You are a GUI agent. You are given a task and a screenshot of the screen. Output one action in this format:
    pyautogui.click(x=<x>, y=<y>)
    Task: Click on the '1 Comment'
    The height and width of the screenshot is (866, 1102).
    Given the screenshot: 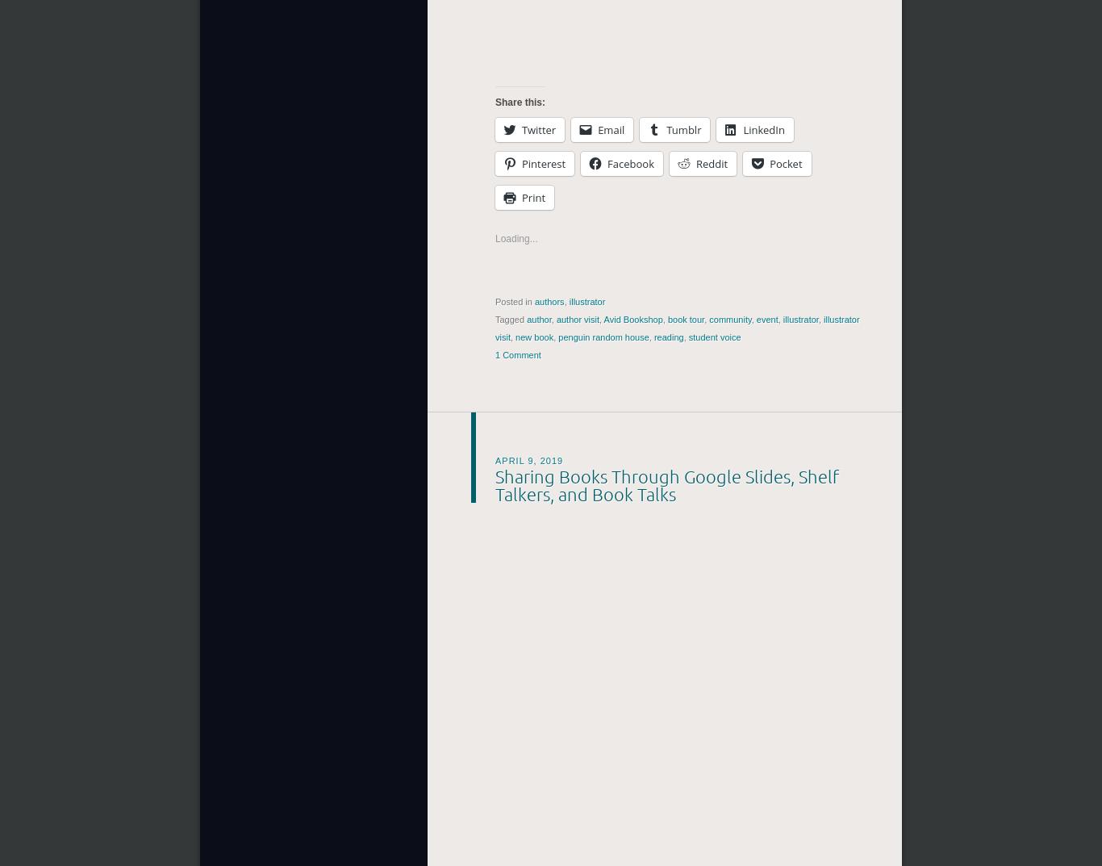 What is the action you would take?
    pyautogui.click(x=495, y=355)
    